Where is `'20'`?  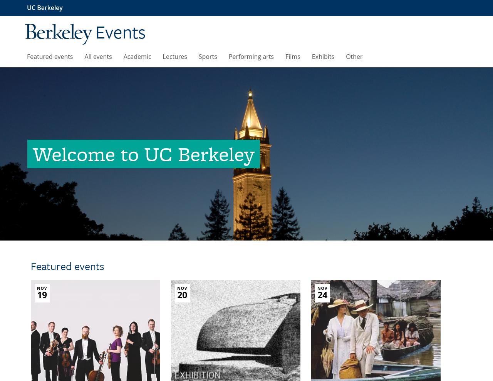
'20' is located at coordinates (181, 295).